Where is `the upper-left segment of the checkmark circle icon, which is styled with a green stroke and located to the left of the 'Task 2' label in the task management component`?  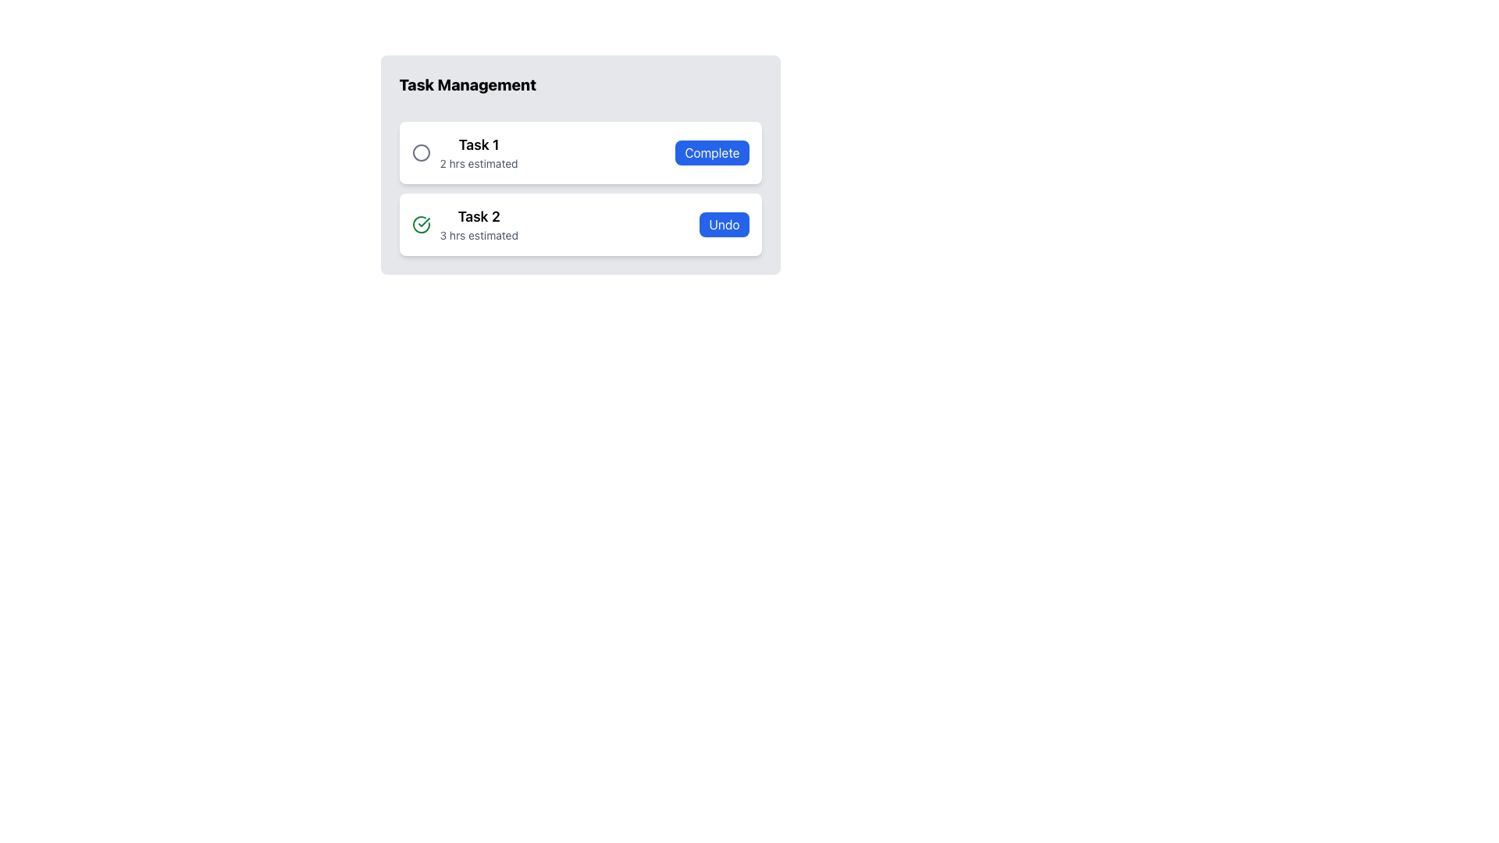 the upper-left segment of the checkmark circle icon, which is styled with a green stroke and located to the left of the 'Task 2' label in the task management component is located at coordinates (421, 225).